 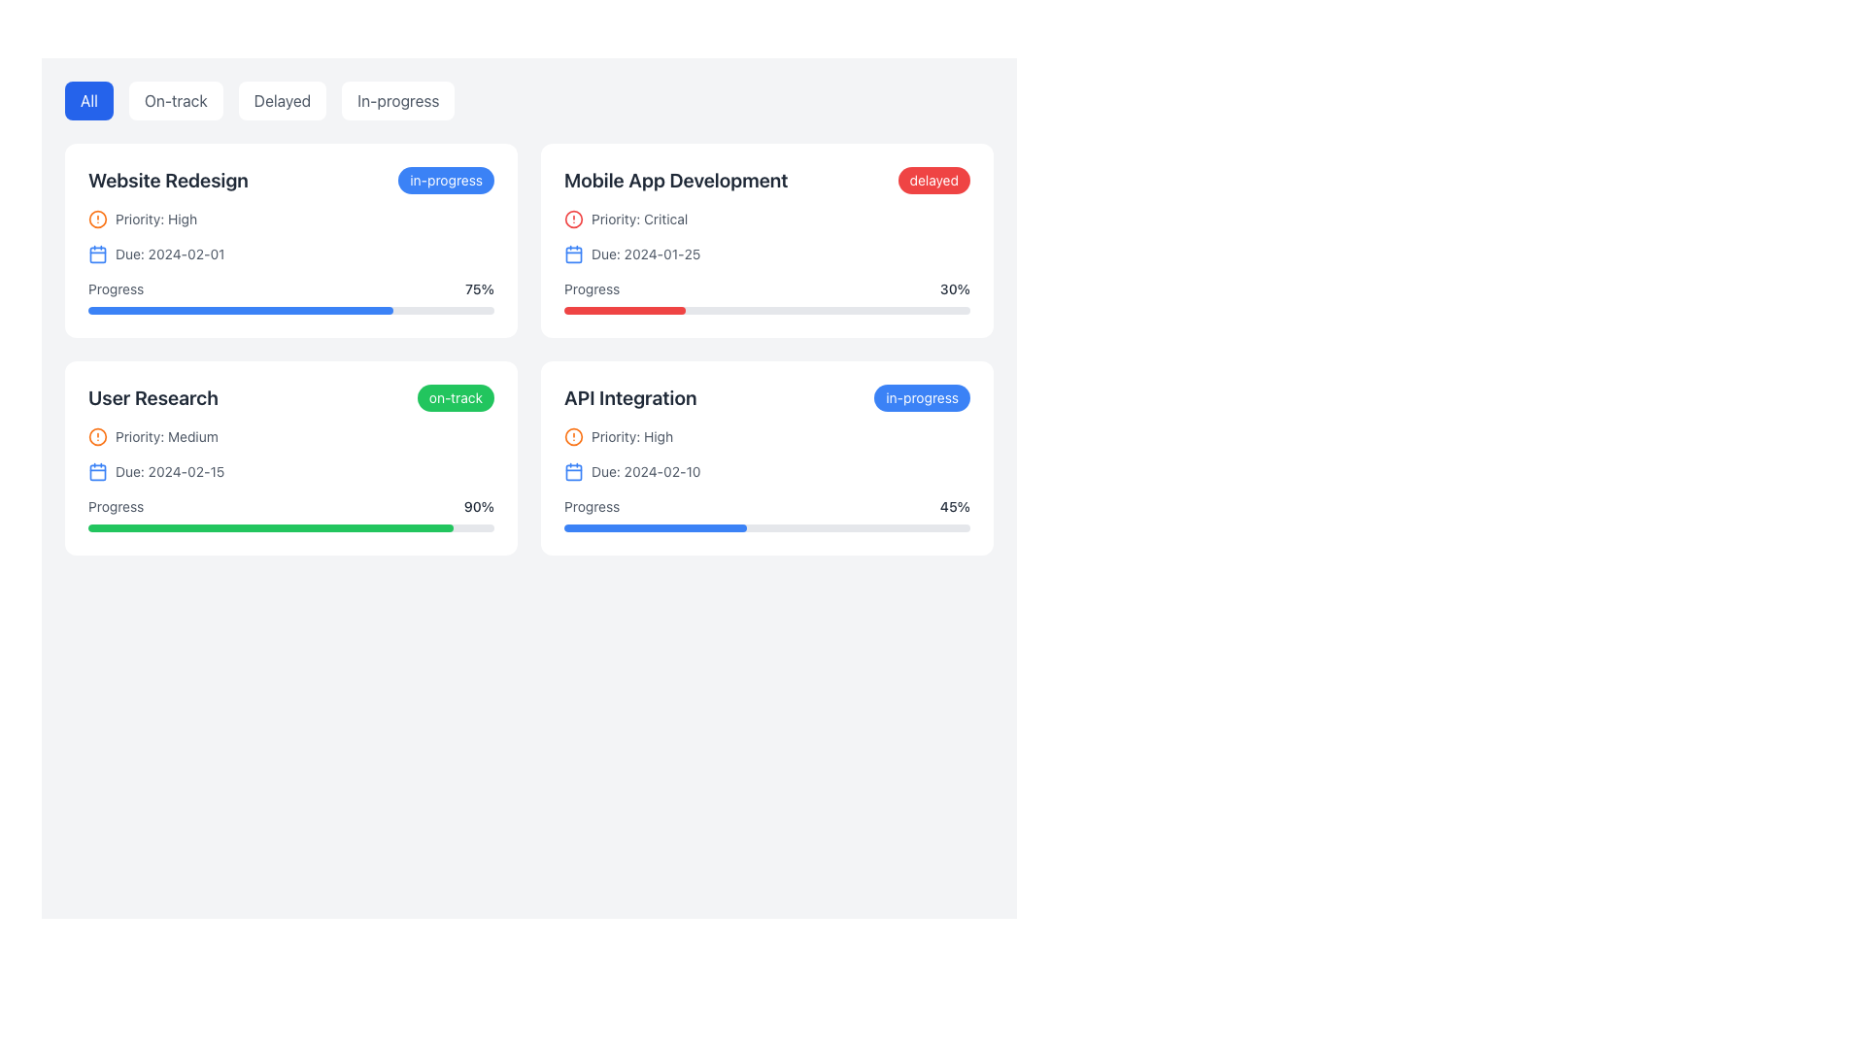 What do you see at coordinates (955, 505) in the screenshot?
I see `the static text element displaying '45%' which indicates progress metrics, located under the heading 'Progress' in the bottom-right quadrant of the card labeled 'API Integration'` at bounding box center [955, 505].